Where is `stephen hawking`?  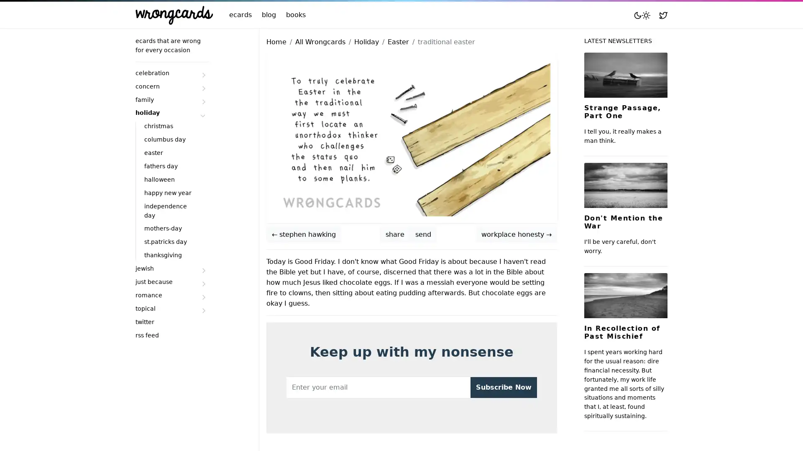
stephen hawking is located at coordinates (303, 234).